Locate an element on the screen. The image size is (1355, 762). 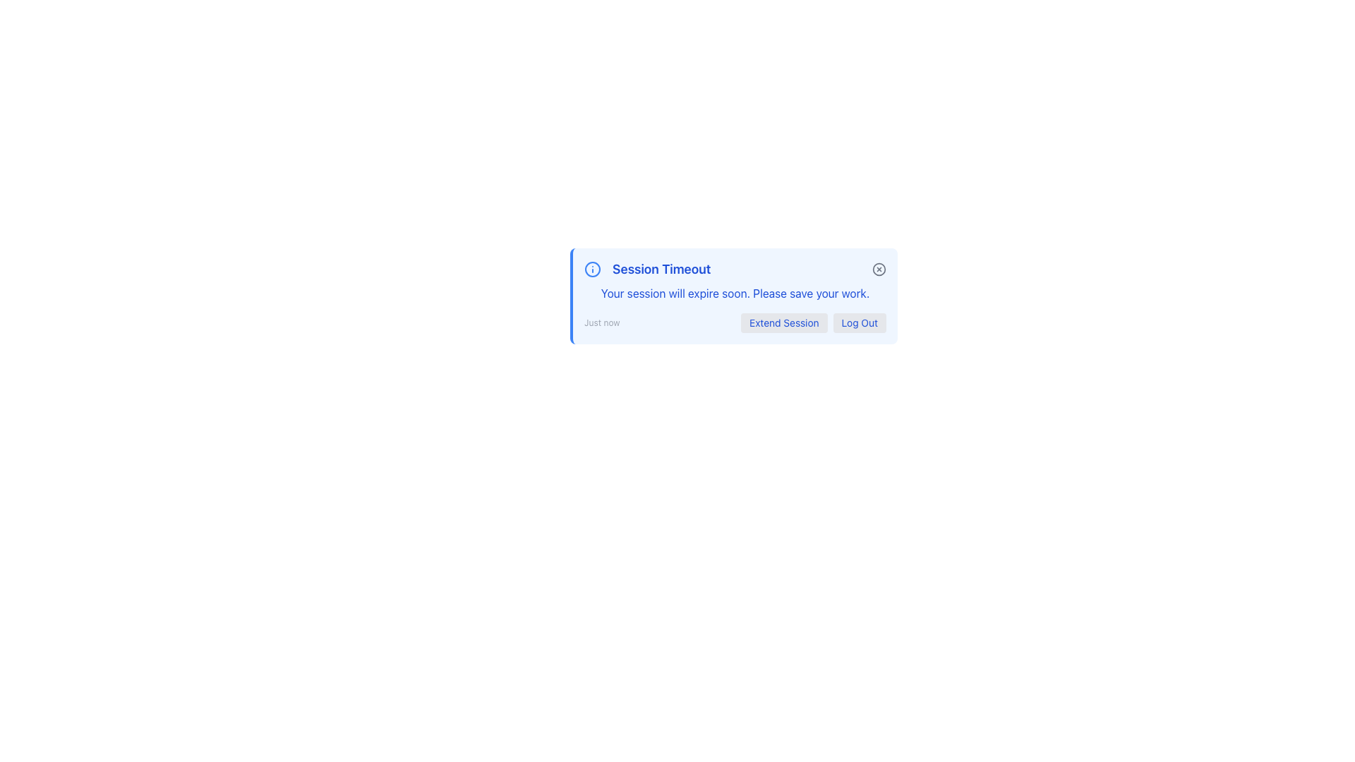
the label consisting of a blue information icon and bold blue text reading 'Session Timeout' located at the leftmost position of the notification bar is located at coordinates (646, 269).